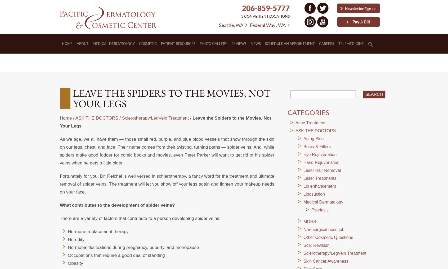 The height and width of the screenshot is (269, 448). What do you see at coordinates (98, 231) in the screenshot?
I see `'Hormone replacement therapy'` at bounding box center [98, 231].